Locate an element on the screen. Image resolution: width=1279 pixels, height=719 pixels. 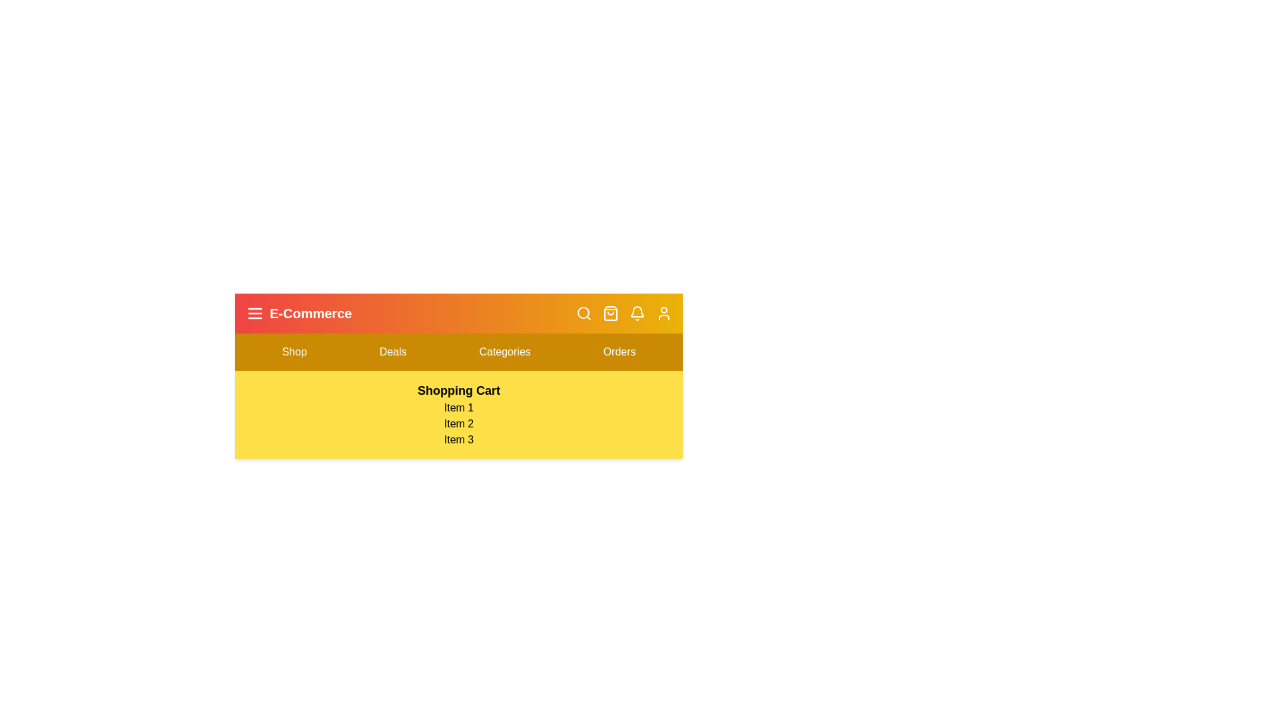
the user profile icon is located at coordinates (664, 313).